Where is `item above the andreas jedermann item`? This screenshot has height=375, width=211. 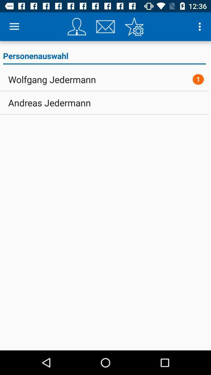 item above the andreas jedermann item is located at coordinates (52, 79).